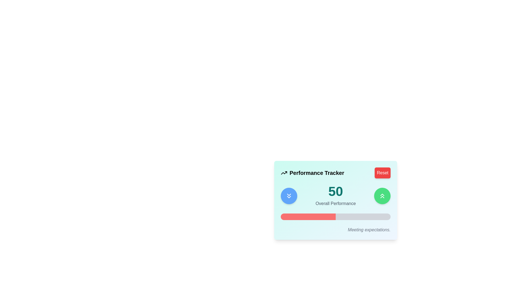  What do you see at coordinates (288, 195) in the screenshot?
I see `the double-chevron downwards SVG icon within the blue circular button adjacent to the numeric performance indicator (50) on the 'Performance Tracker' card` at bounding box center [288, 195].